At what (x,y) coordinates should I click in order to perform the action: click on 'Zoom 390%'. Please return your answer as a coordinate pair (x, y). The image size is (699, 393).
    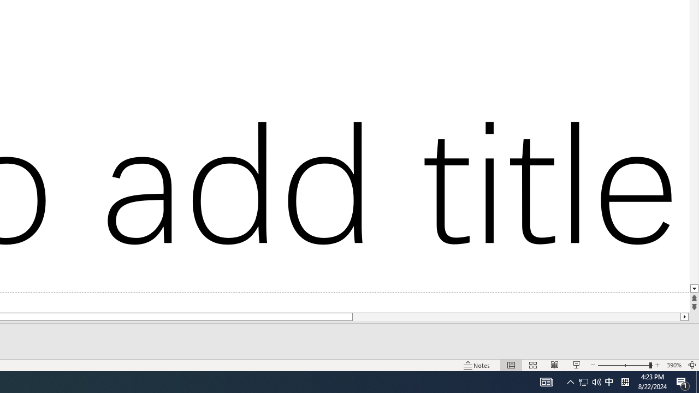
    Looking at the image, I should click on (673, 365).